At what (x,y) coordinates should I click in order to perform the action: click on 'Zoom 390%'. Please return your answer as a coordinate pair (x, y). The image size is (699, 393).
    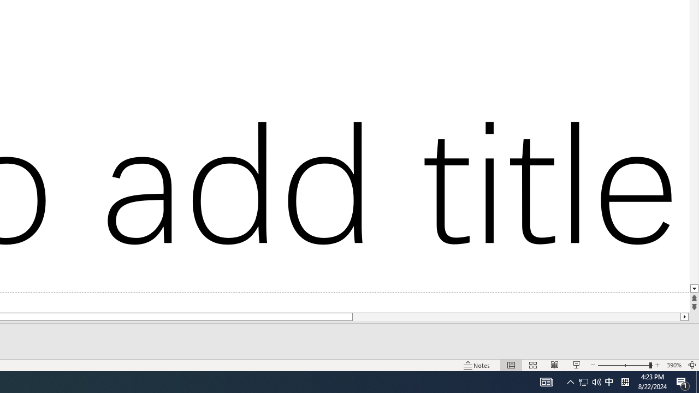
    Looking at the image, I should click on (673, 365).